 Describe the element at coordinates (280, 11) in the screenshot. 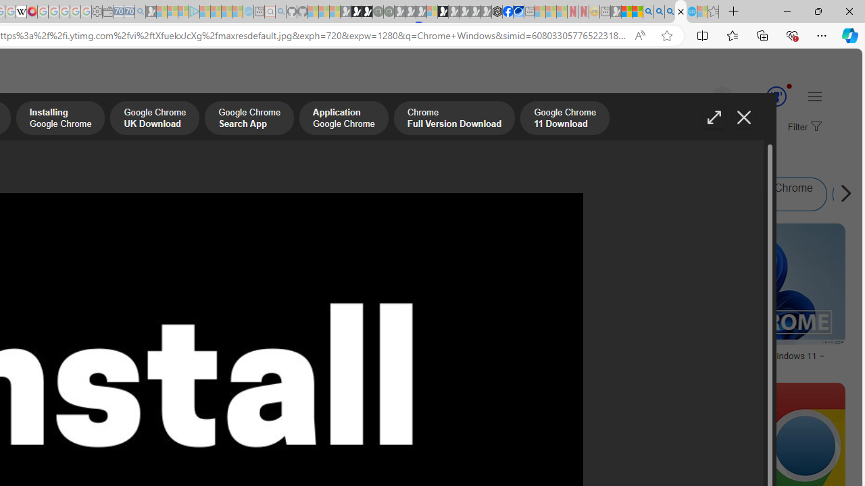

I see `'github - Search - Sleeping'` at that location.